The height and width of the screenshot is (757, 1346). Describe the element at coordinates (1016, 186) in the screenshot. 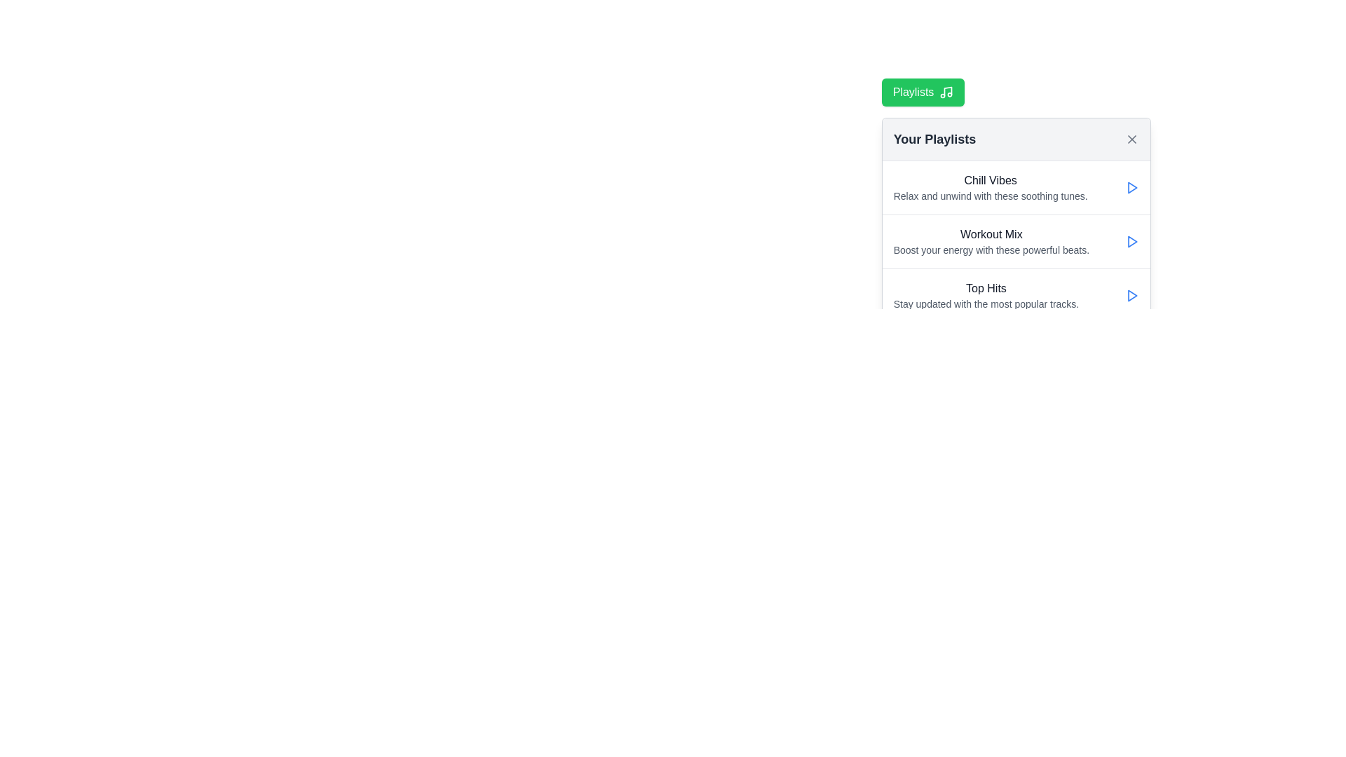

I see `the first selectable list item titled 'Chill Vibes' under the header 'Your Playlists', which contains a subtitle and a right-facing arrow icon` at that location.